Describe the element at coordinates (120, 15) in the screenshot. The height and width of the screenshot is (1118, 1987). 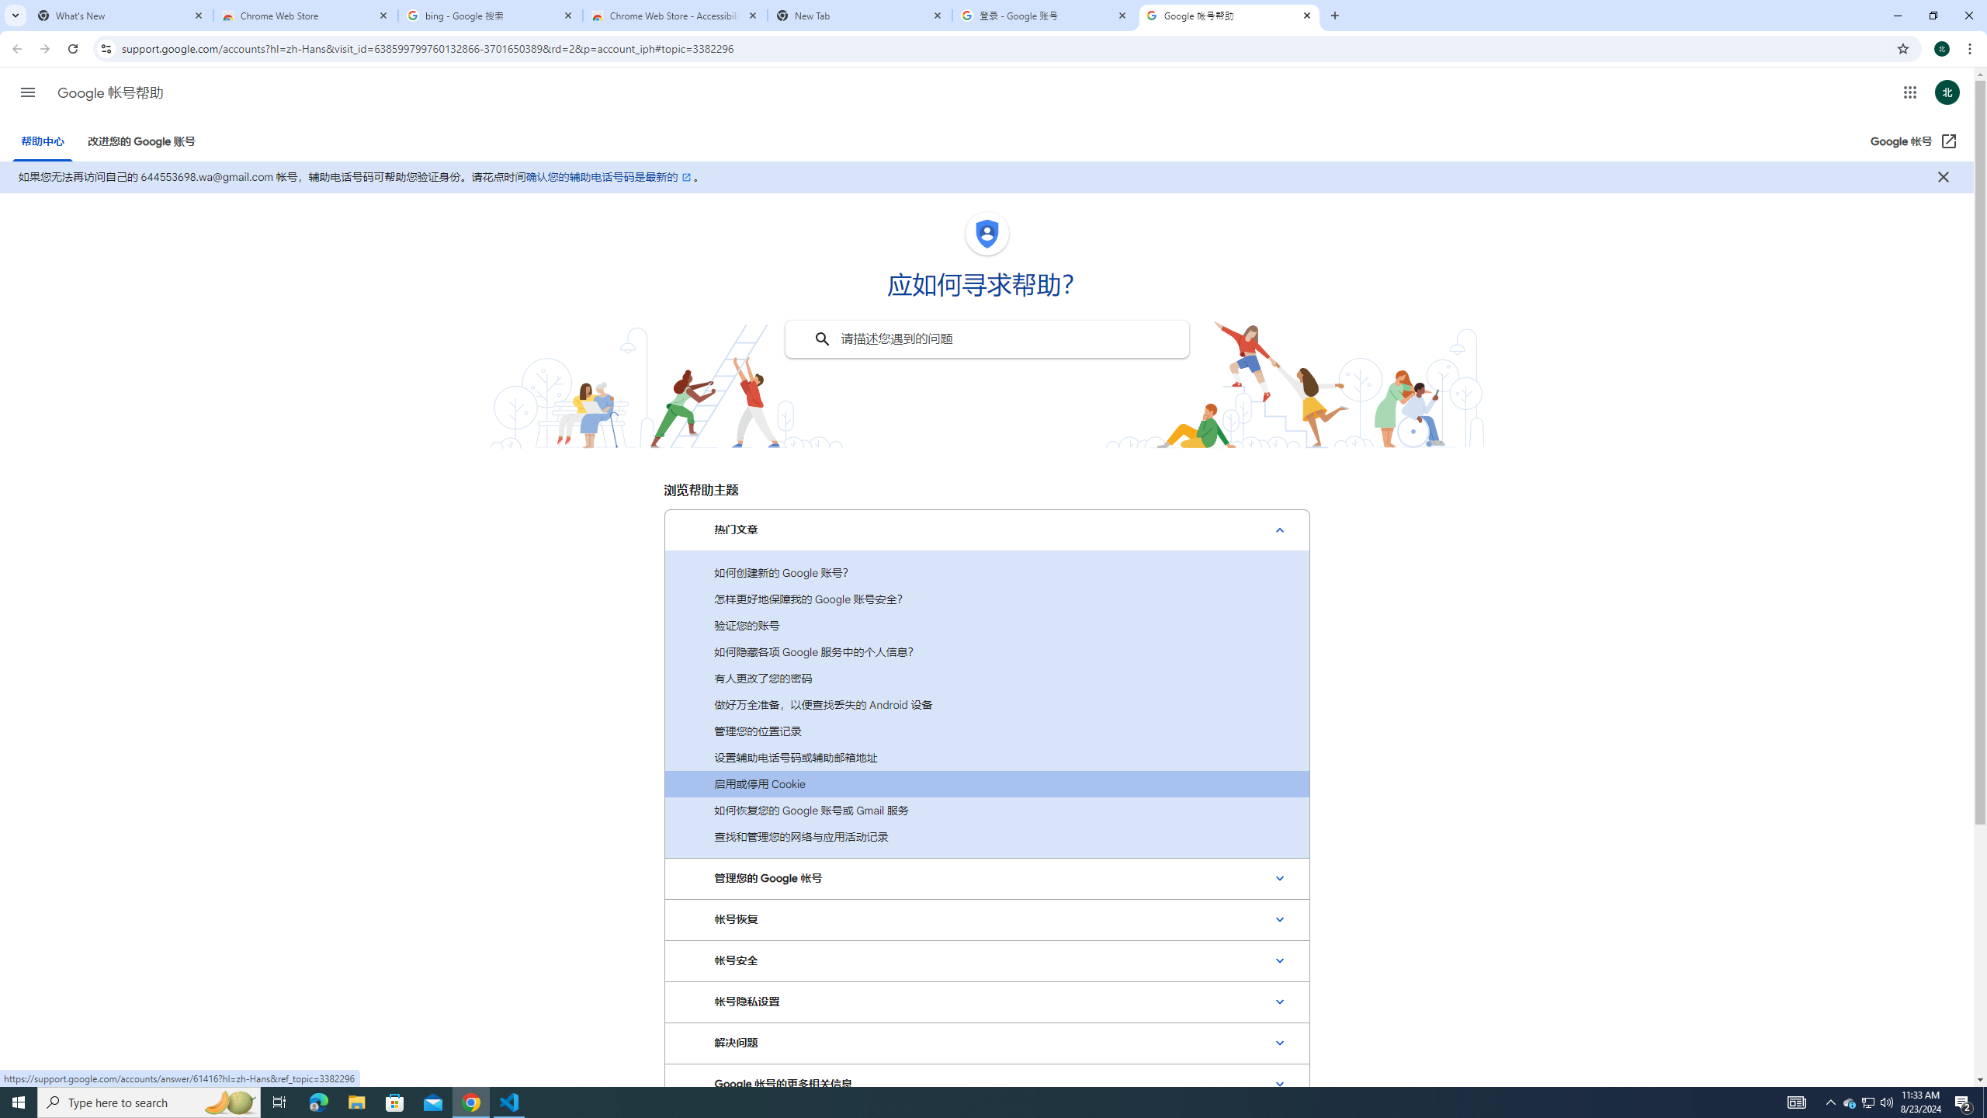
I see `'What'` at that location.